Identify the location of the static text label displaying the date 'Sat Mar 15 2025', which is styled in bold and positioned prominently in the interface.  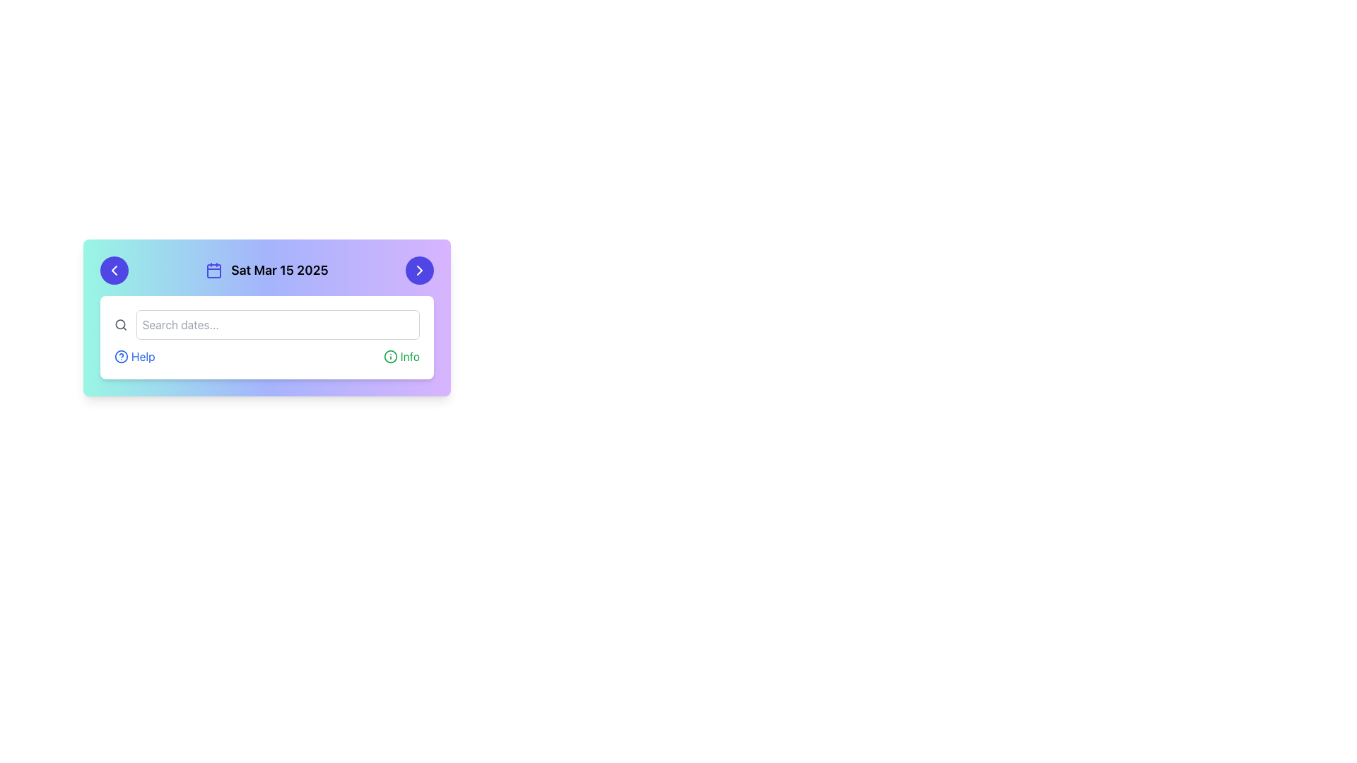
(279, 270).